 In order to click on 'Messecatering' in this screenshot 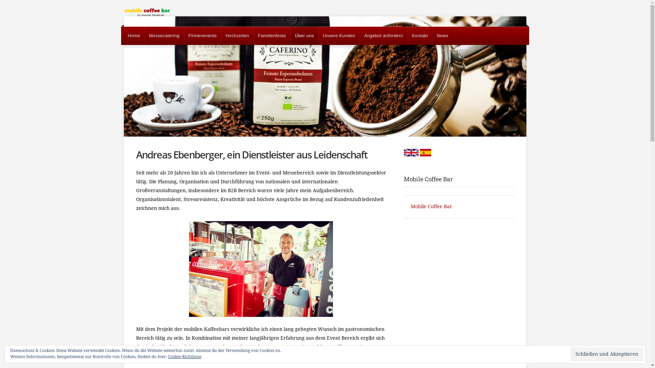, I will do `click(164, 35)`.